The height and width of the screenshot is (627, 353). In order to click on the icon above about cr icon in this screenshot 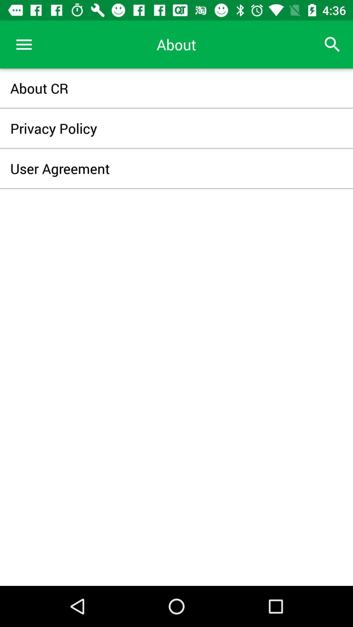, I will do `click(24, 44)`.